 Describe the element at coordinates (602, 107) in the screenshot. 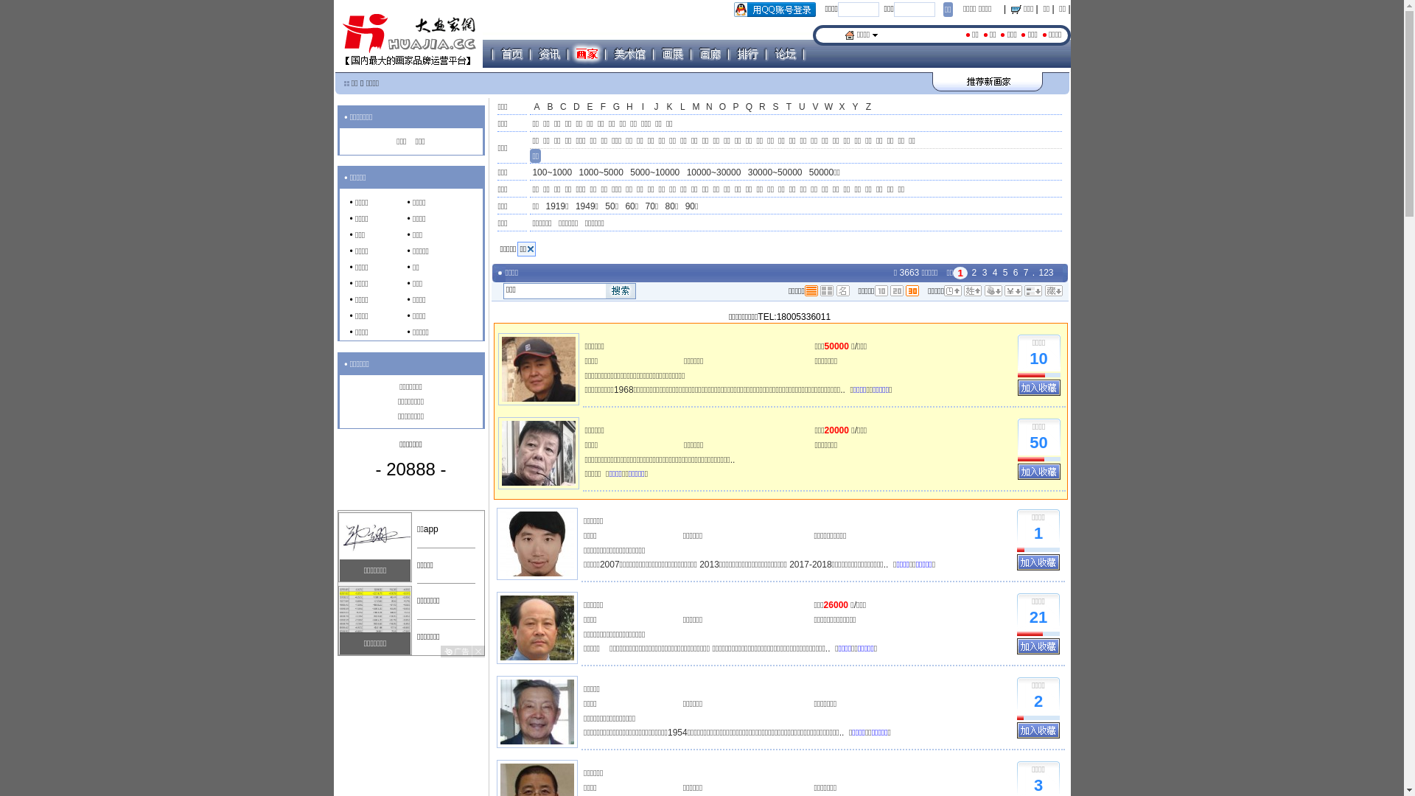

I see `'F'` at that location.